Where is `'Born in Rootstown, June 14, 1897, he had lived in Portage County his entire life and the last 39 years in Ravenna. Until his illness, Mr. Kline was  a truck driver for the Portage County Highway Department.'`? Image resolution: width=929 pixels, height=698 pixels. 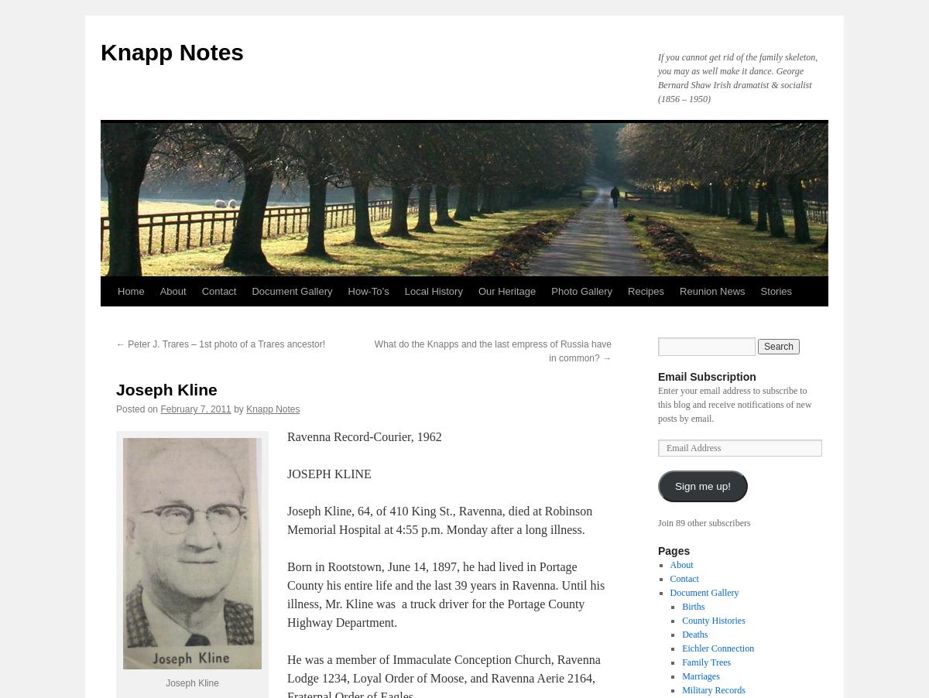
'Born in Rootstown, June 14, 1897, he had lived in Portage County his entire life and the last 39 years in Ravenna. Until his illness, Mr. Kline was  a truck driver for the Portage County Highway Department.' is located at coordinates (445, 594).